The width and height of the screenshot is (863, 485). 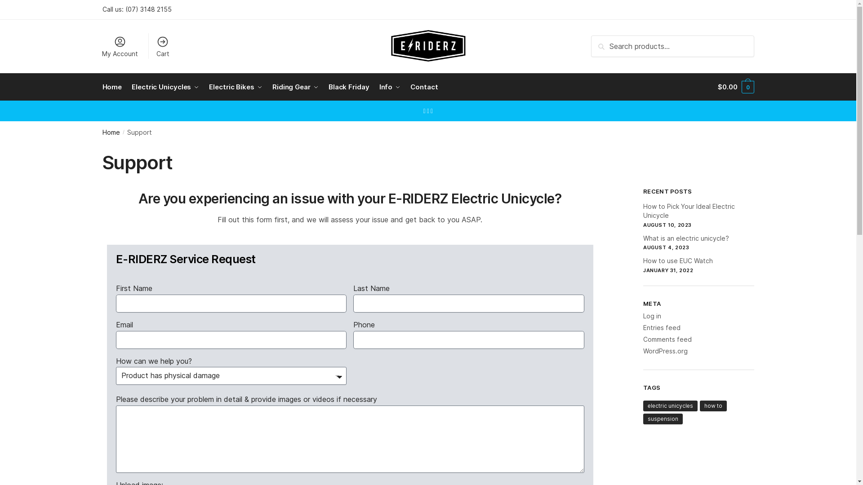 What do you see at coordinates (111, 132) in the screenshot?
I see `'Home'` at bounding box center [111, 132].